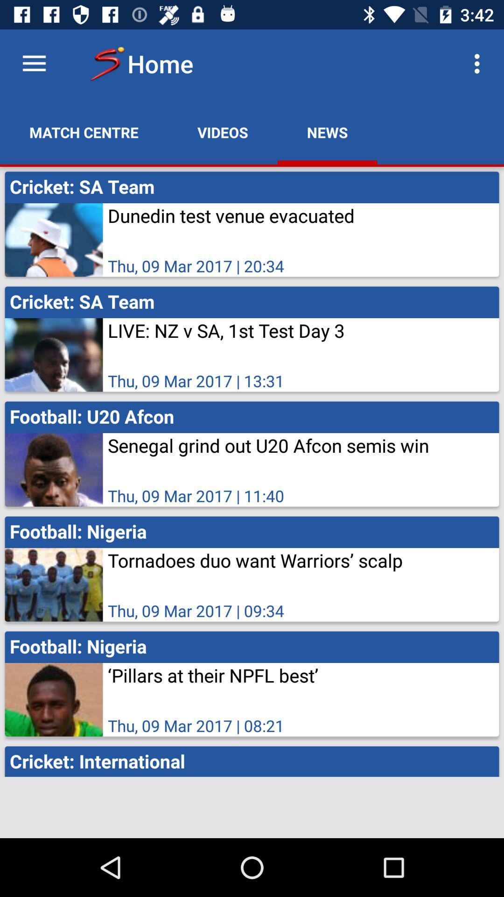 Image resolution: width=504 pixels, height=897 pixels. What do you see at coordinates (479, 63) in the screenshot?
I see `item next to news item` at bounding box center [479, 63].